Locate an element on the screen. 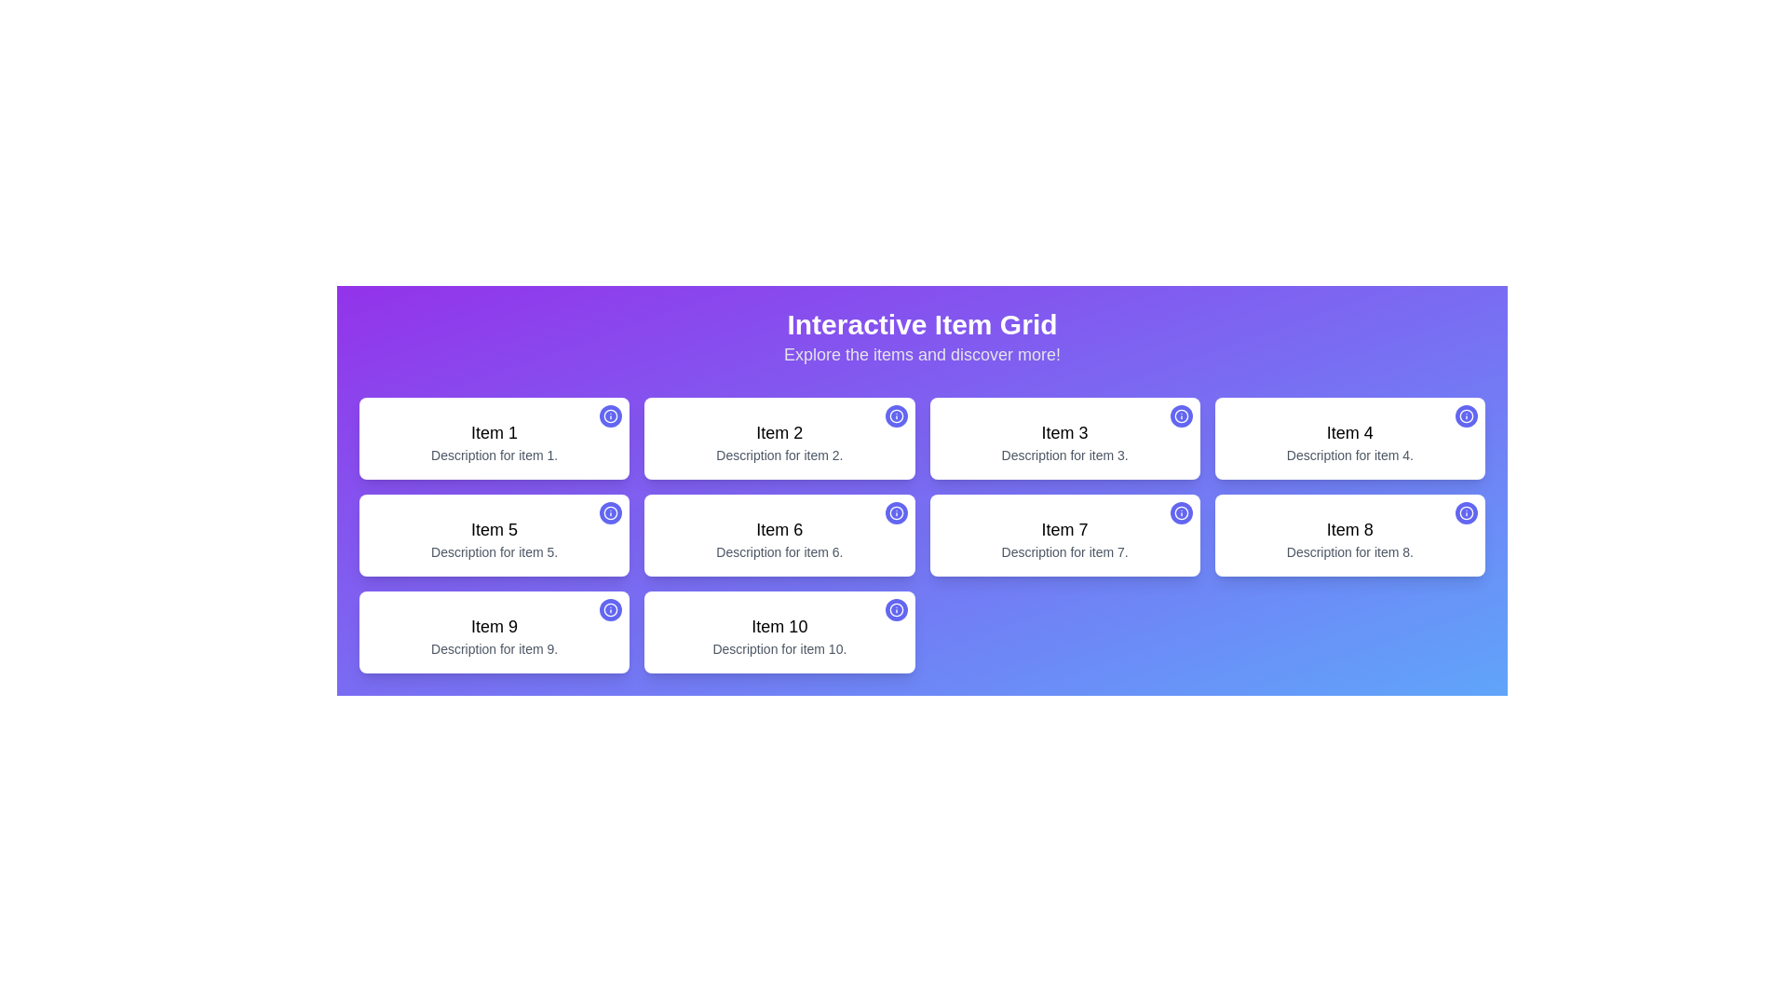  the Label that serves as the title for the fourth card in a 4x3 grid layout, located between 'Item 3' on the left and 'Item 8' below is located at coordinates (1349, 433).